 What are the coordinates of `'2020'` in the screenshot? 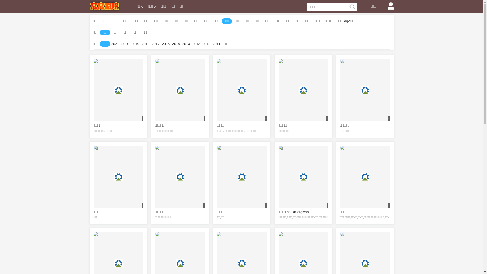 It's located at (125, 44).